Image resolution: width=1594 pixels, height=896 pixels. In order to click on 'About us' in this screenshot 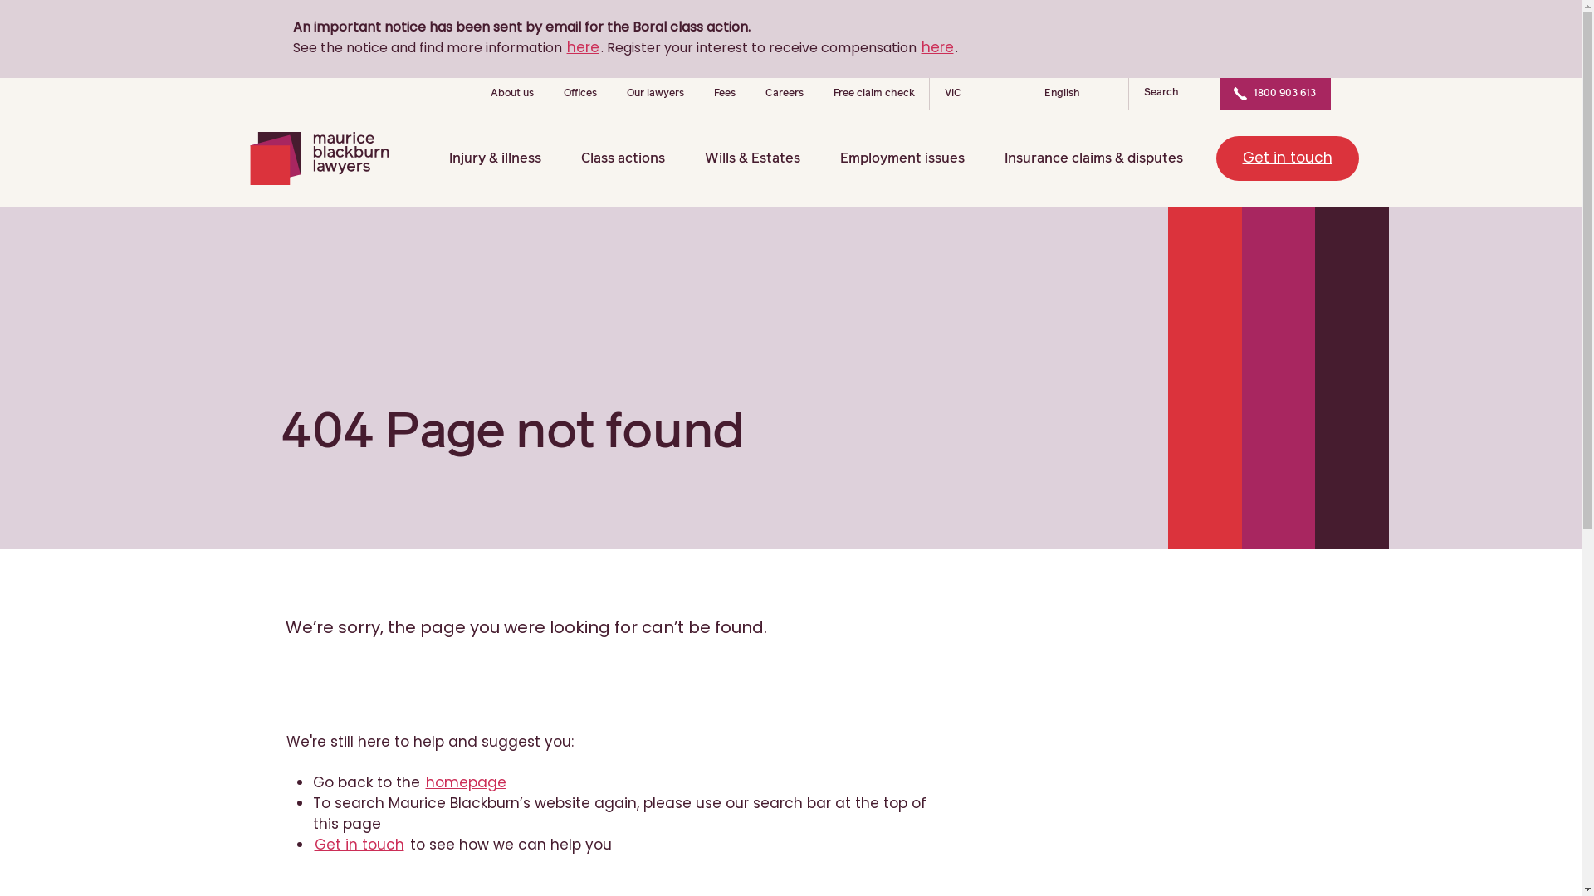, I will do `click(510, 93)`.